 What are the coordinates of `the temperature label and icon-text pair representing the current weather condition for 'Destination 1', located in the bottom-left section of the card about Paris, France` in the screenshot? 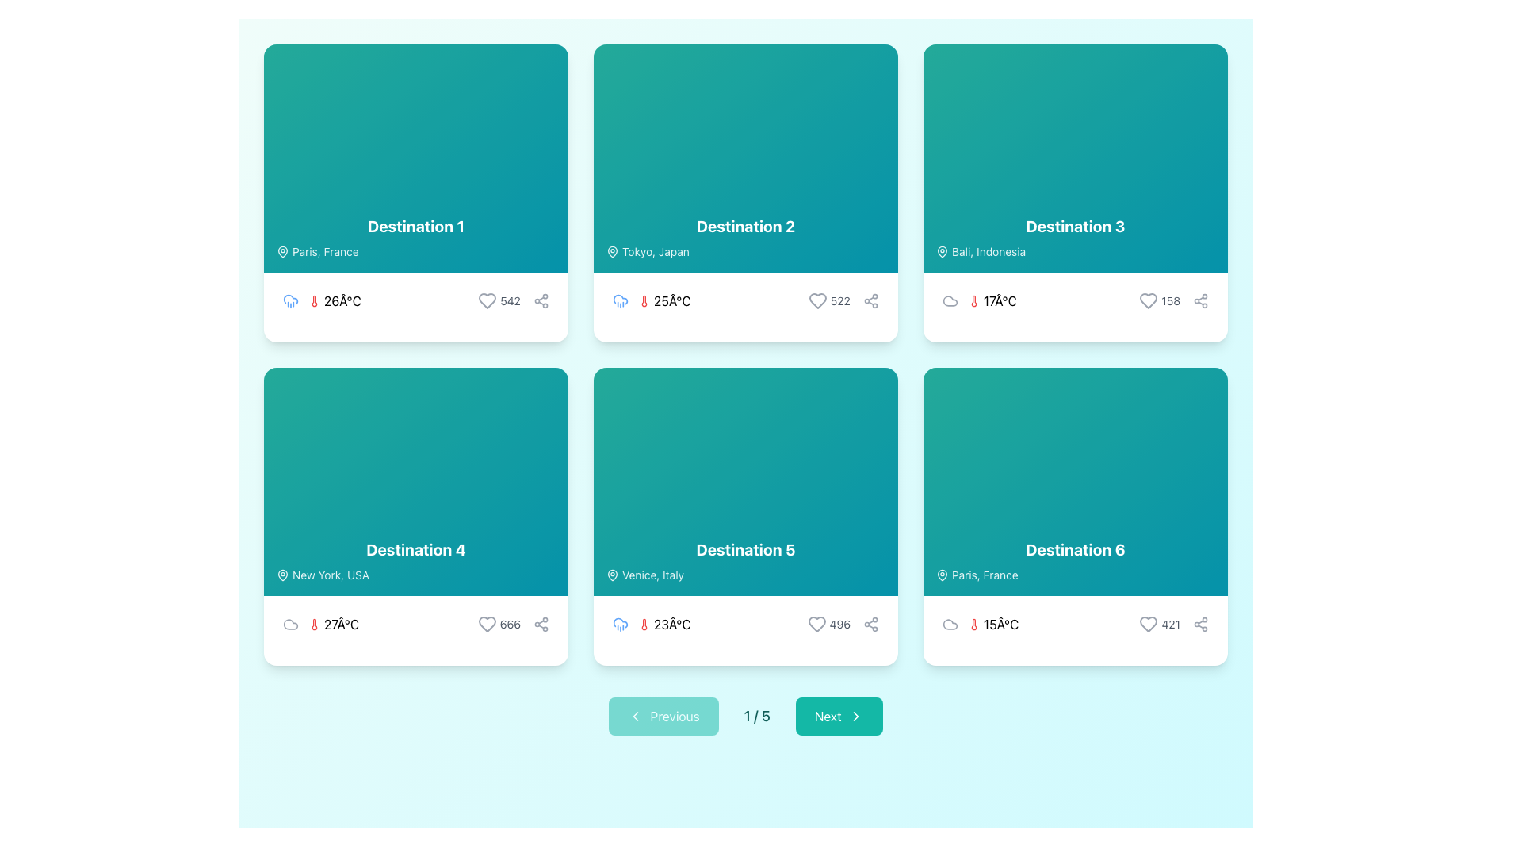 It's located at (334, 301).